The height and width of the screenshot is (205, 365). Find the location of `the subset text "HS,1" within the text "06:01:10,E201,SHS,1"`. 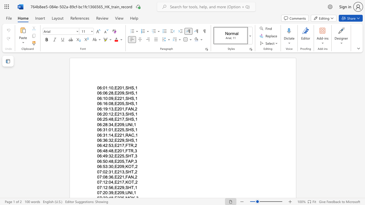

the subset text "HS,1" within the text "06:01:10,E201,SHS,1" is located at coordinates (128, 88).